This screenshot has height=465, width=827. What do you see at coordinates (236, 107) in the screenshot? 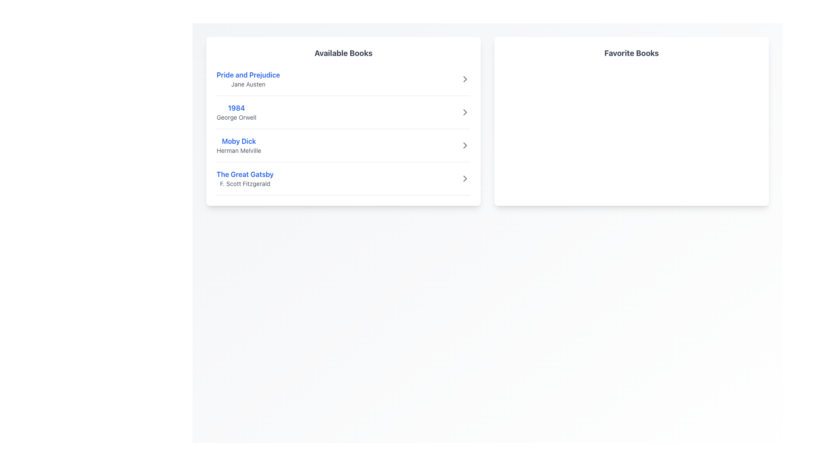
I see `the link representing the book title '1984' in the 'Available Books' section` at bounding box center [236, 107].